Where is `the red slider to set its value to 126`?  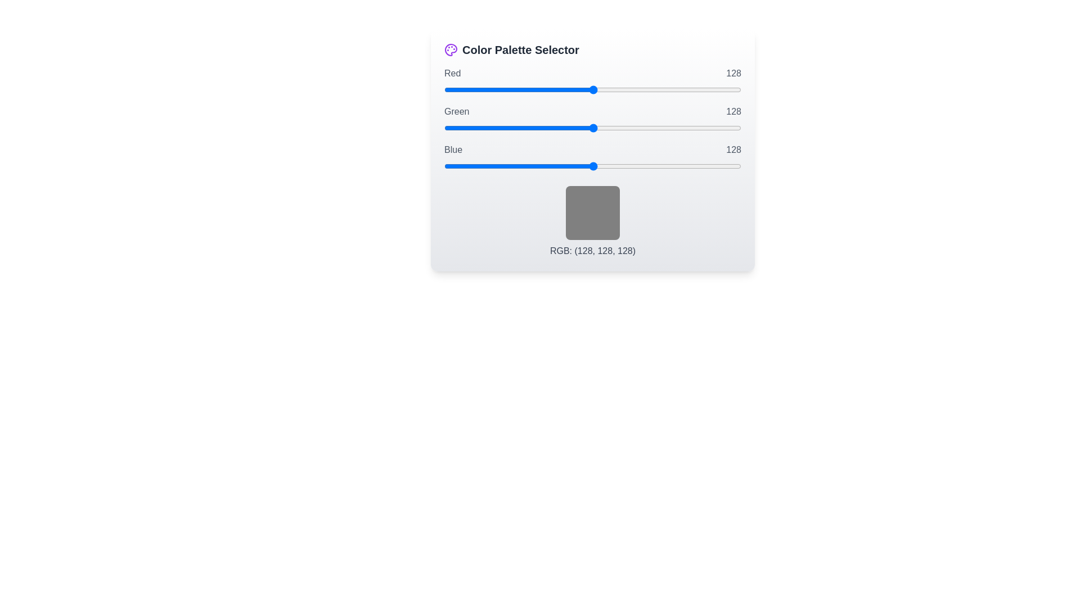 the red slider to set its value to 126 is located at coordinates (590, 89).